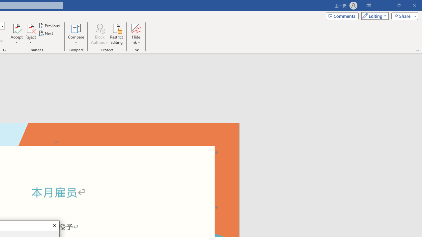 The image size is (422, 237). Describe the element at coordinates (30, 28) in the screenshot. I see `'Reject and Move to Next'` at that location.